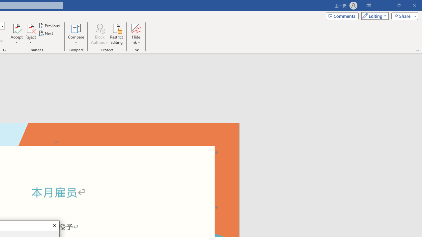 The image size is (422, 237). Describe the element at coordinates (30, 28) in the screenshot. I see `'Reject and Move to Next'` at that location.